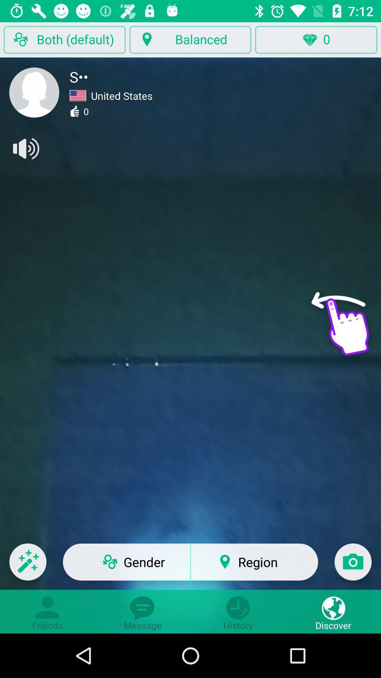  What do you see at coordinates (28, 566) in the screenshot?
I see `the edit icon` at bounding box center [28, 566].